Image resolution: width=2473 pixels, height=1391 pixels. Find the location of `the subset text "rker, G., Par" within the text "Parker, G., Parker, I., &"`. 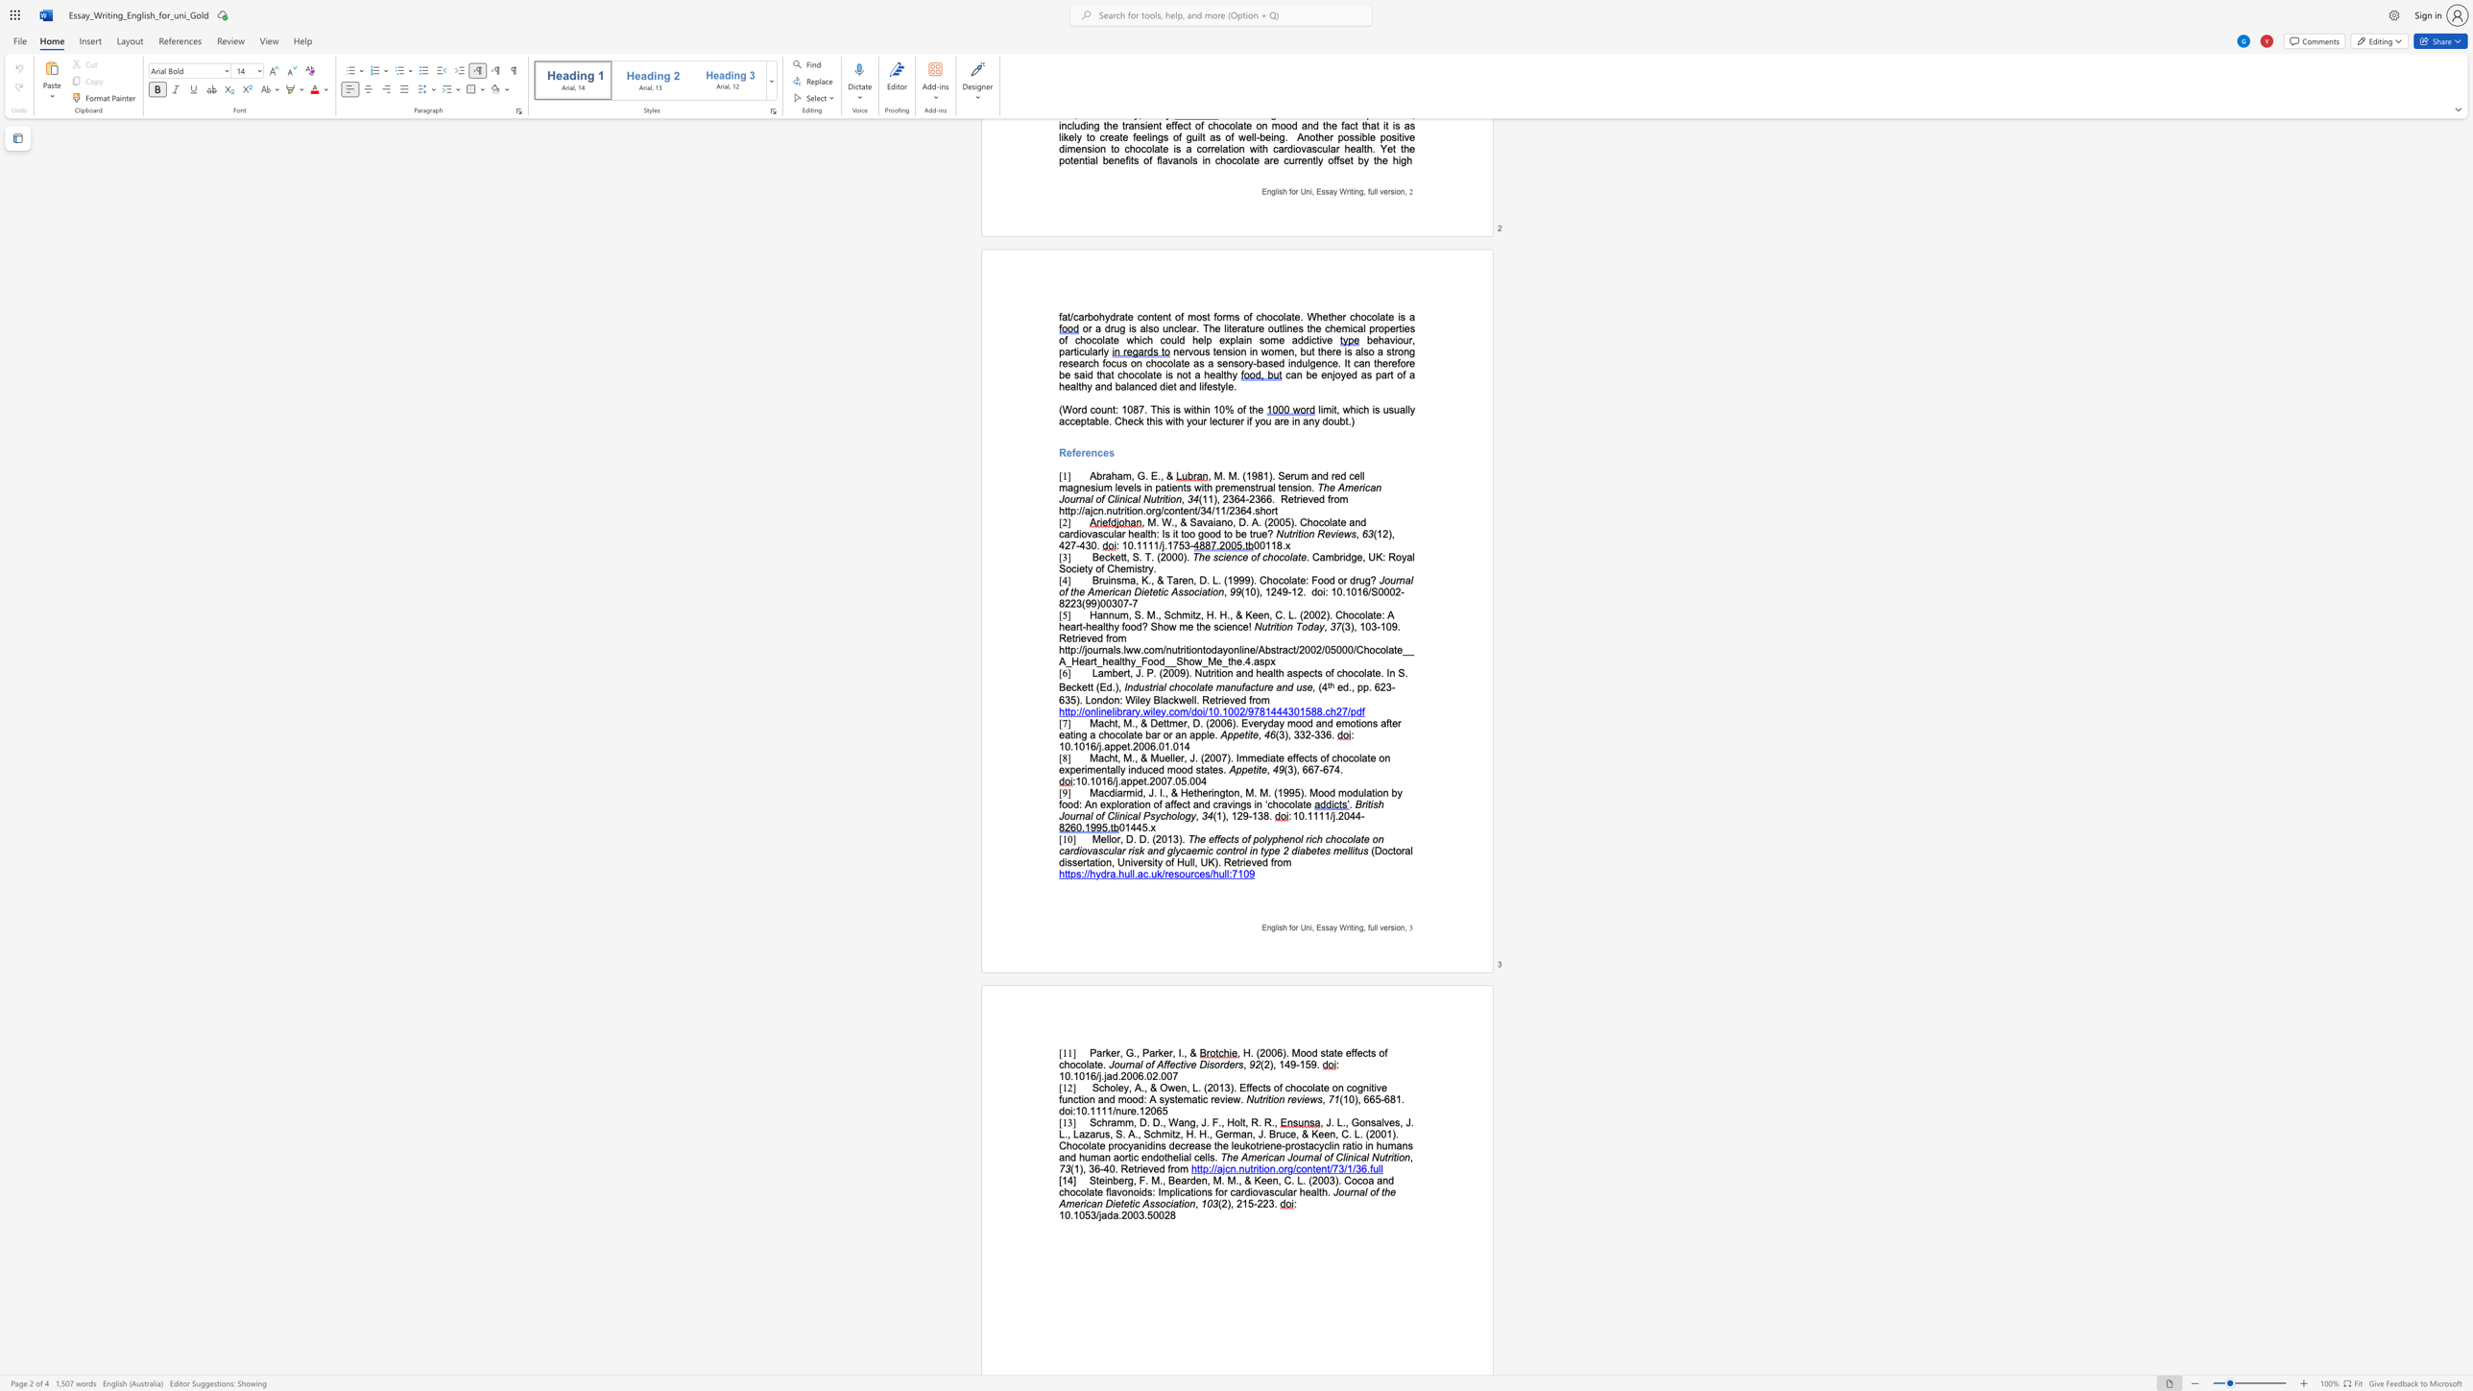

the subset text "rker, G., Par" within the text "Parker, G., Parker, I., &" is located at coordinates (1100, 1052).